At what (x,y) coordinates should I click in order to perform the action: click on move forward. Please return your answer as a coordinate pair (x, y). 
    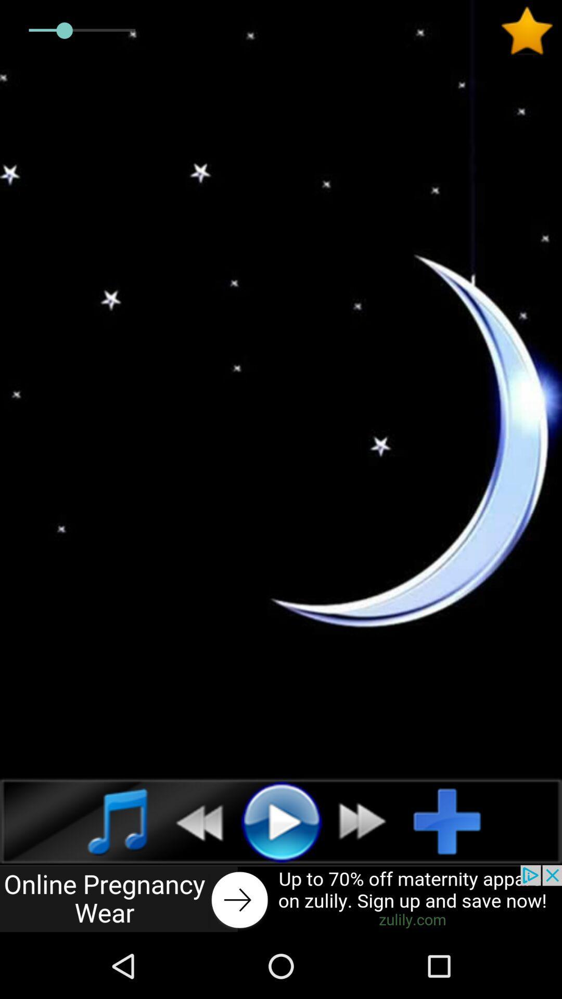
    Looking at the image, I should click on (368, 821).